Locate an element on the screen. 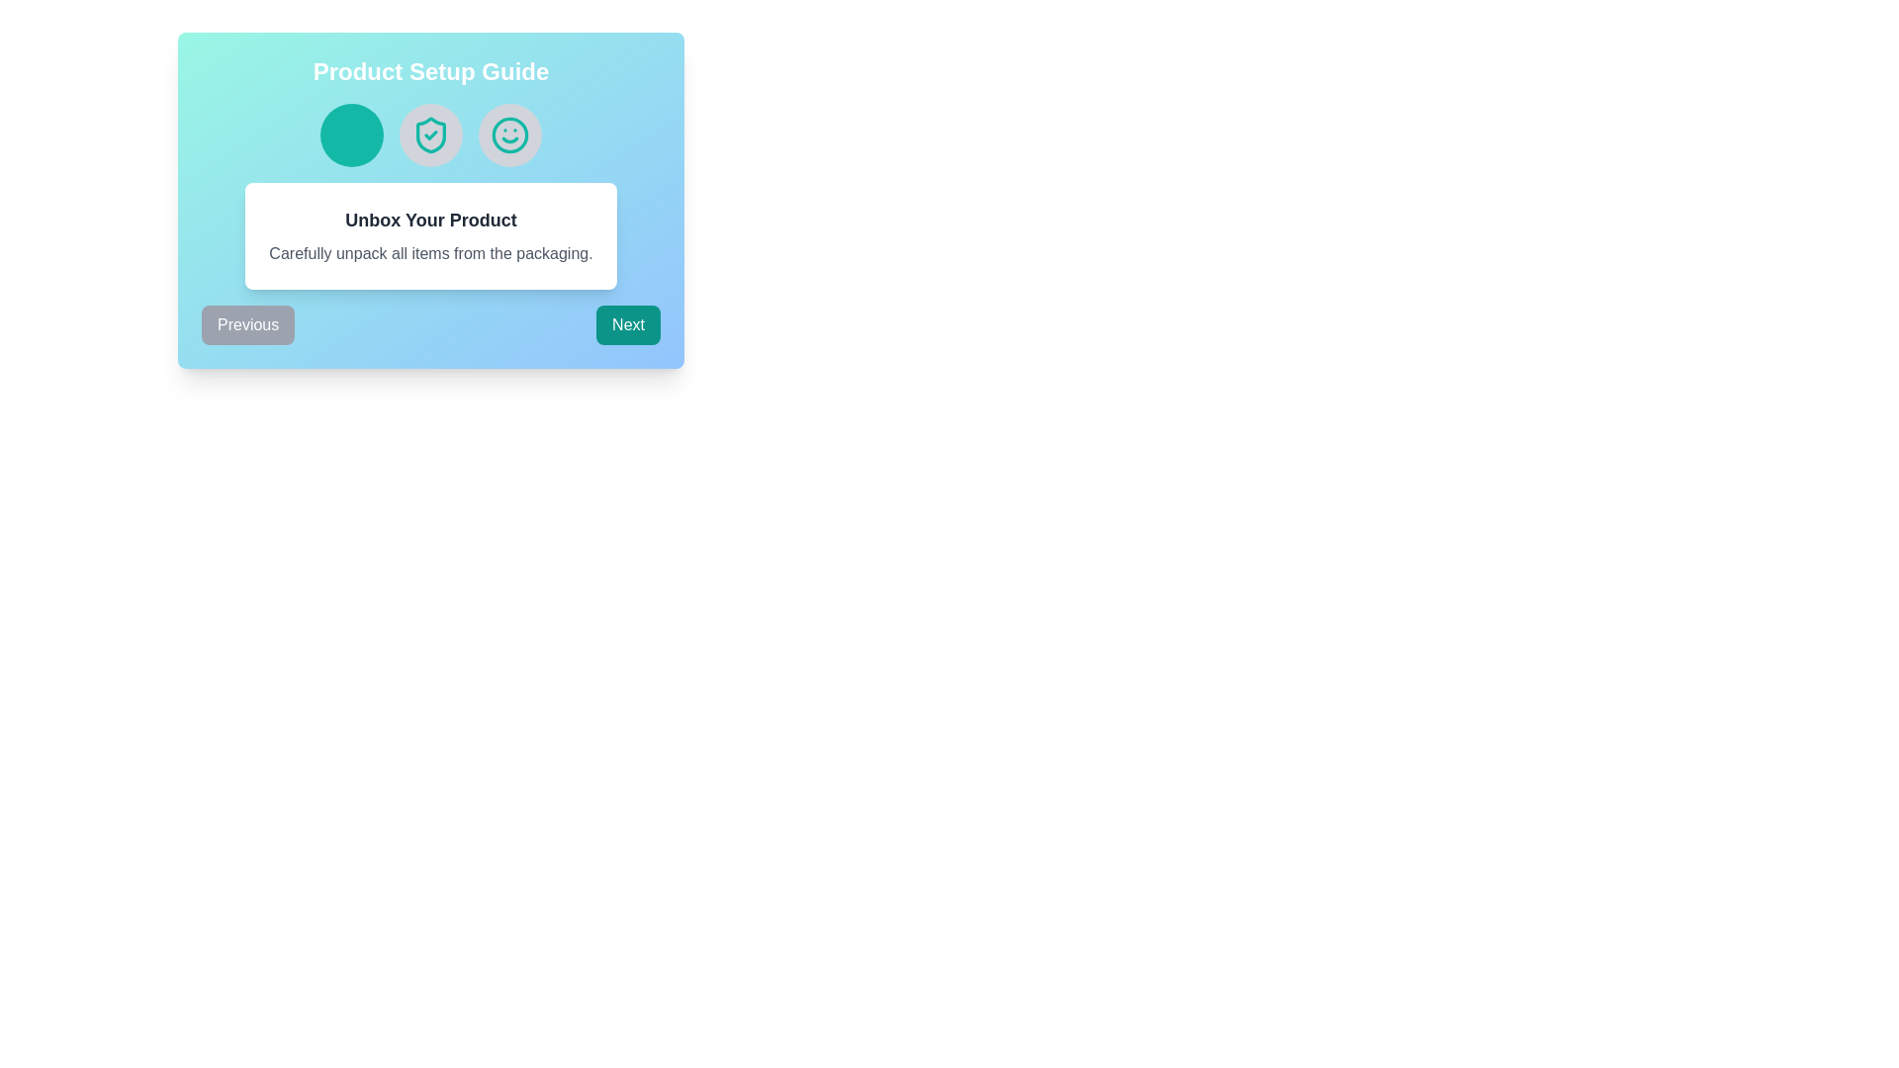  the second circular icon from the left, which has a shield symbol with a check mark inside and a gray background with teal accents is located at coordinates (430, 134).